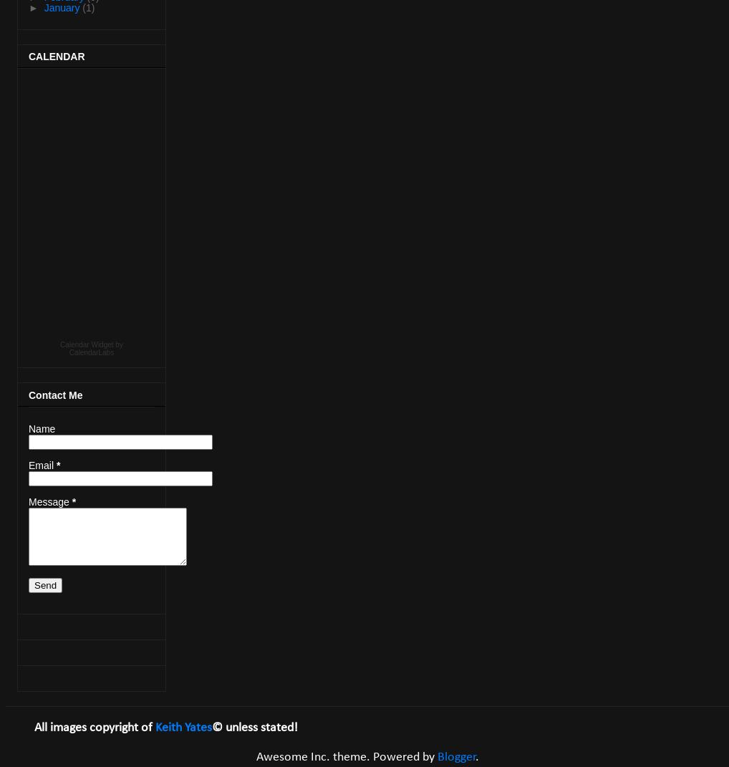  Describe the element at coordinates (94, 727) in the screenshot. I see `'All images copyright of'` at that location.